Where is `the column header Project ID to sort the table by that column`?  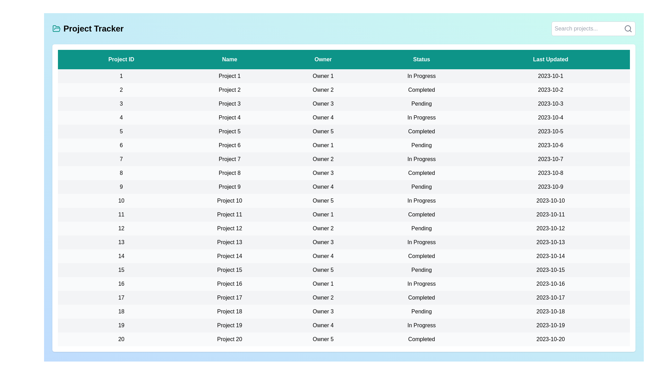
the column header Project ID to sort the table by that column is located at coordinates (121, 59).